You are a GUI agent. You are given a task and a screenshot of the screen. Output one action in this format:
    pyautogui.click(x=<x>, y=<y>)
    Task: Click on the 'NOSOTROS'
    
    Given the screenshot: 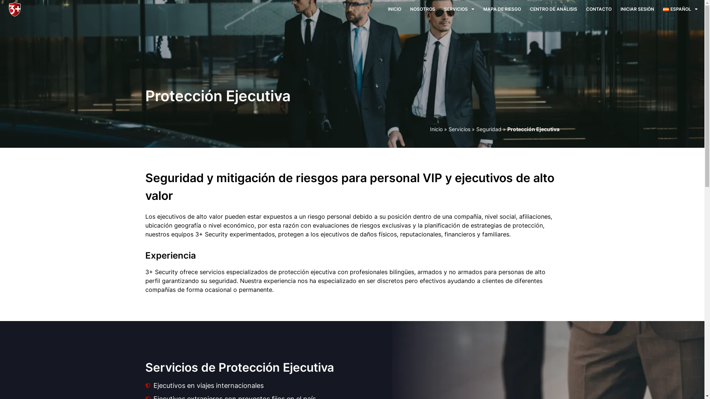 What is the action you would take?
    pyautogui.click(x=422, y=9)
    